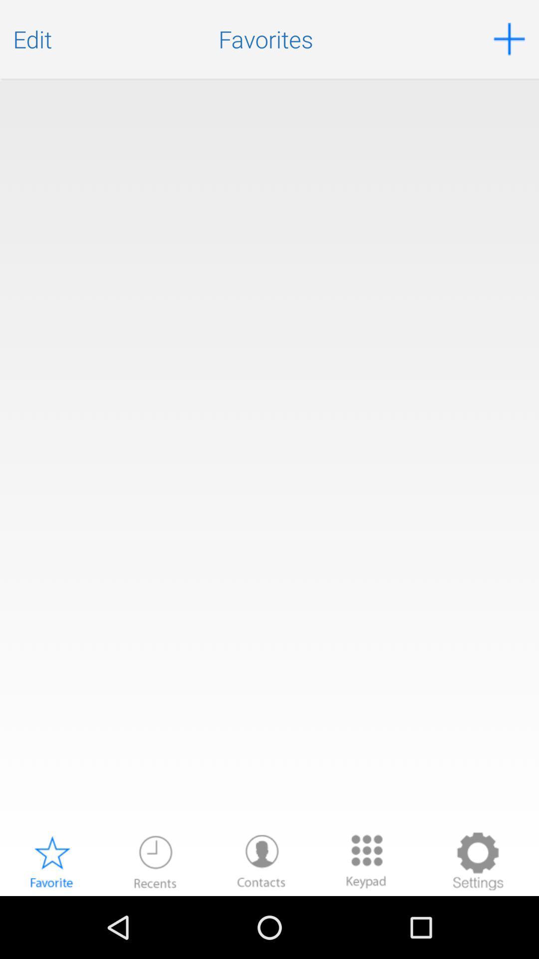  What do you see at coordinates (155, 861) in the screenshot?
I see `recent` at bounding box center [155, 861].